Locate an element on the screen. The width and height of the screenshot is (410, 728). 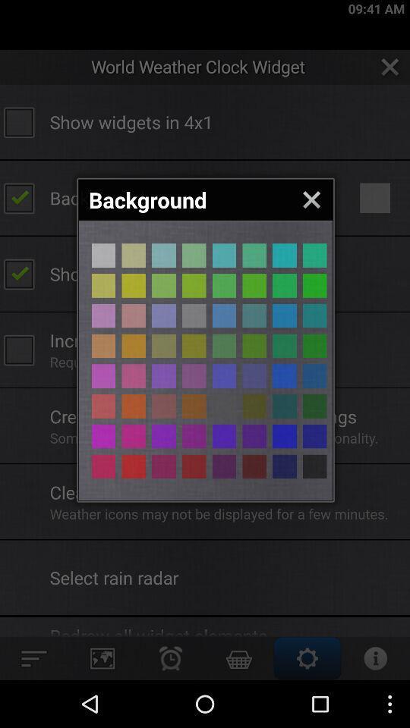
choose a color is located at coordinates (284, 466).